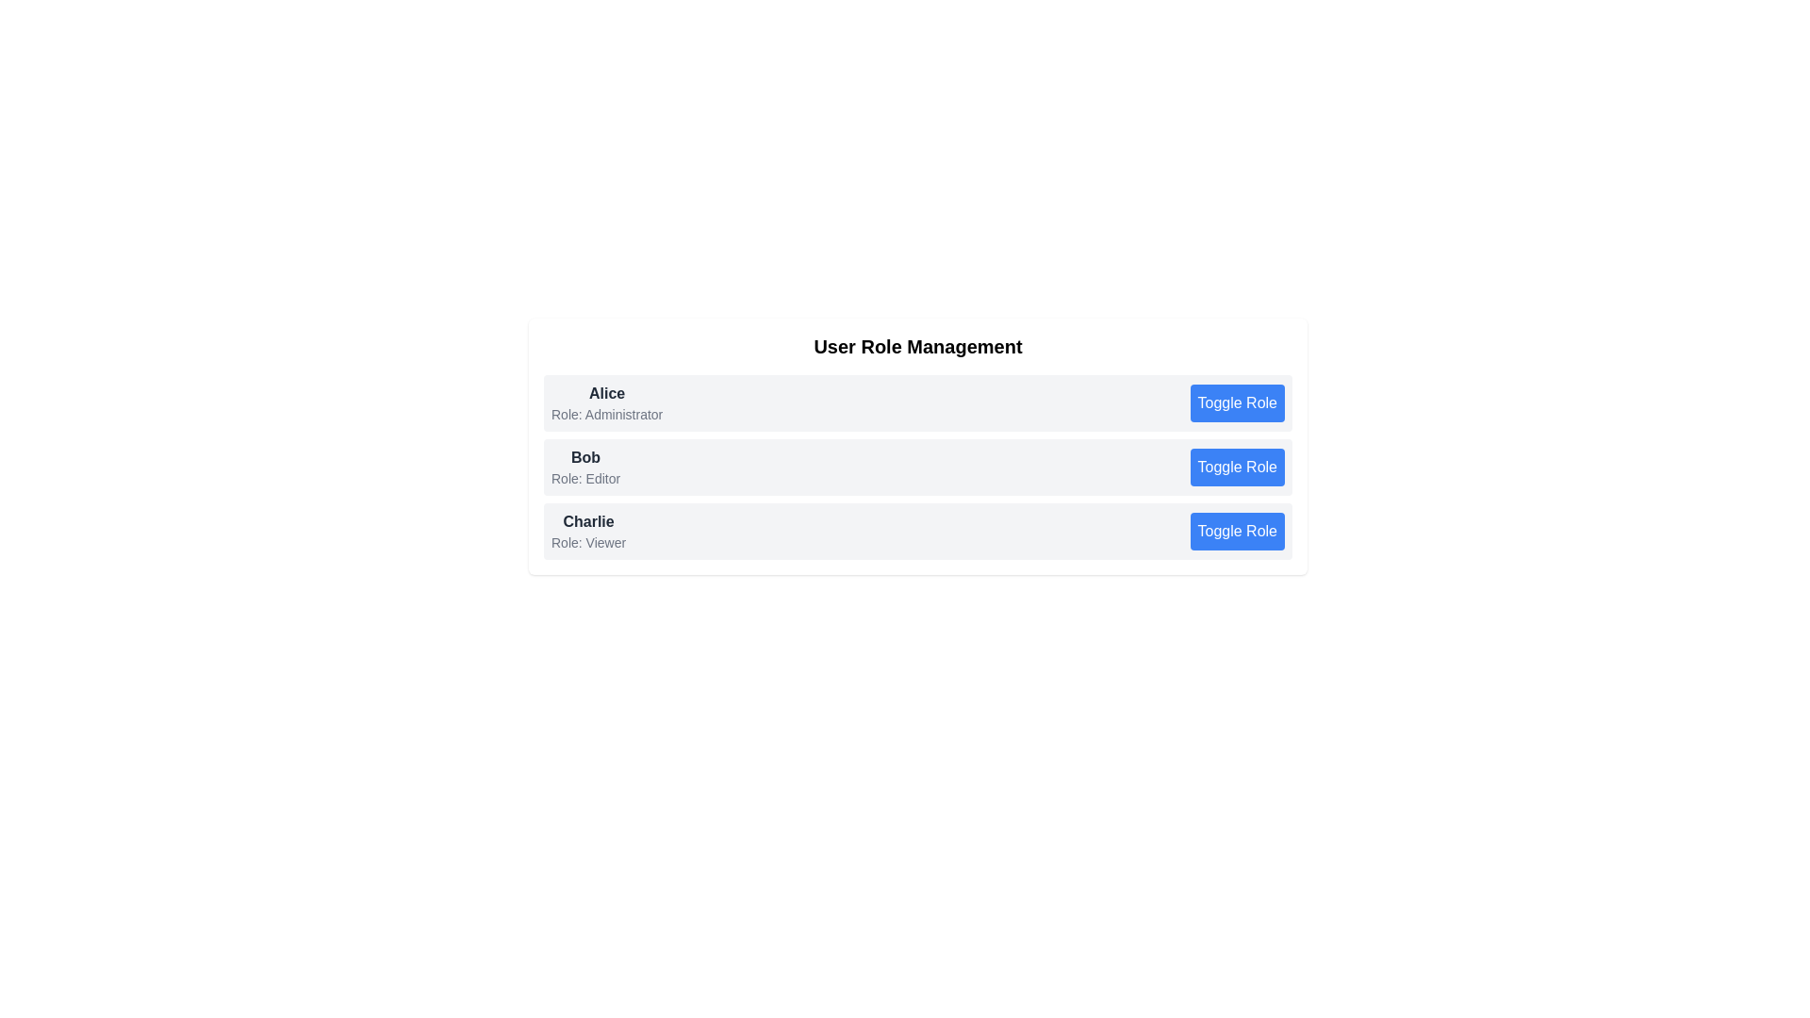 The width and height of the screenshot is (1810, 1018). I want to click on user name 'Bob' and role information 'Role: Editor' from the second row of the user entries list, which features a blue button labeled 'Toggle Role' on the right, so click(918, 467).